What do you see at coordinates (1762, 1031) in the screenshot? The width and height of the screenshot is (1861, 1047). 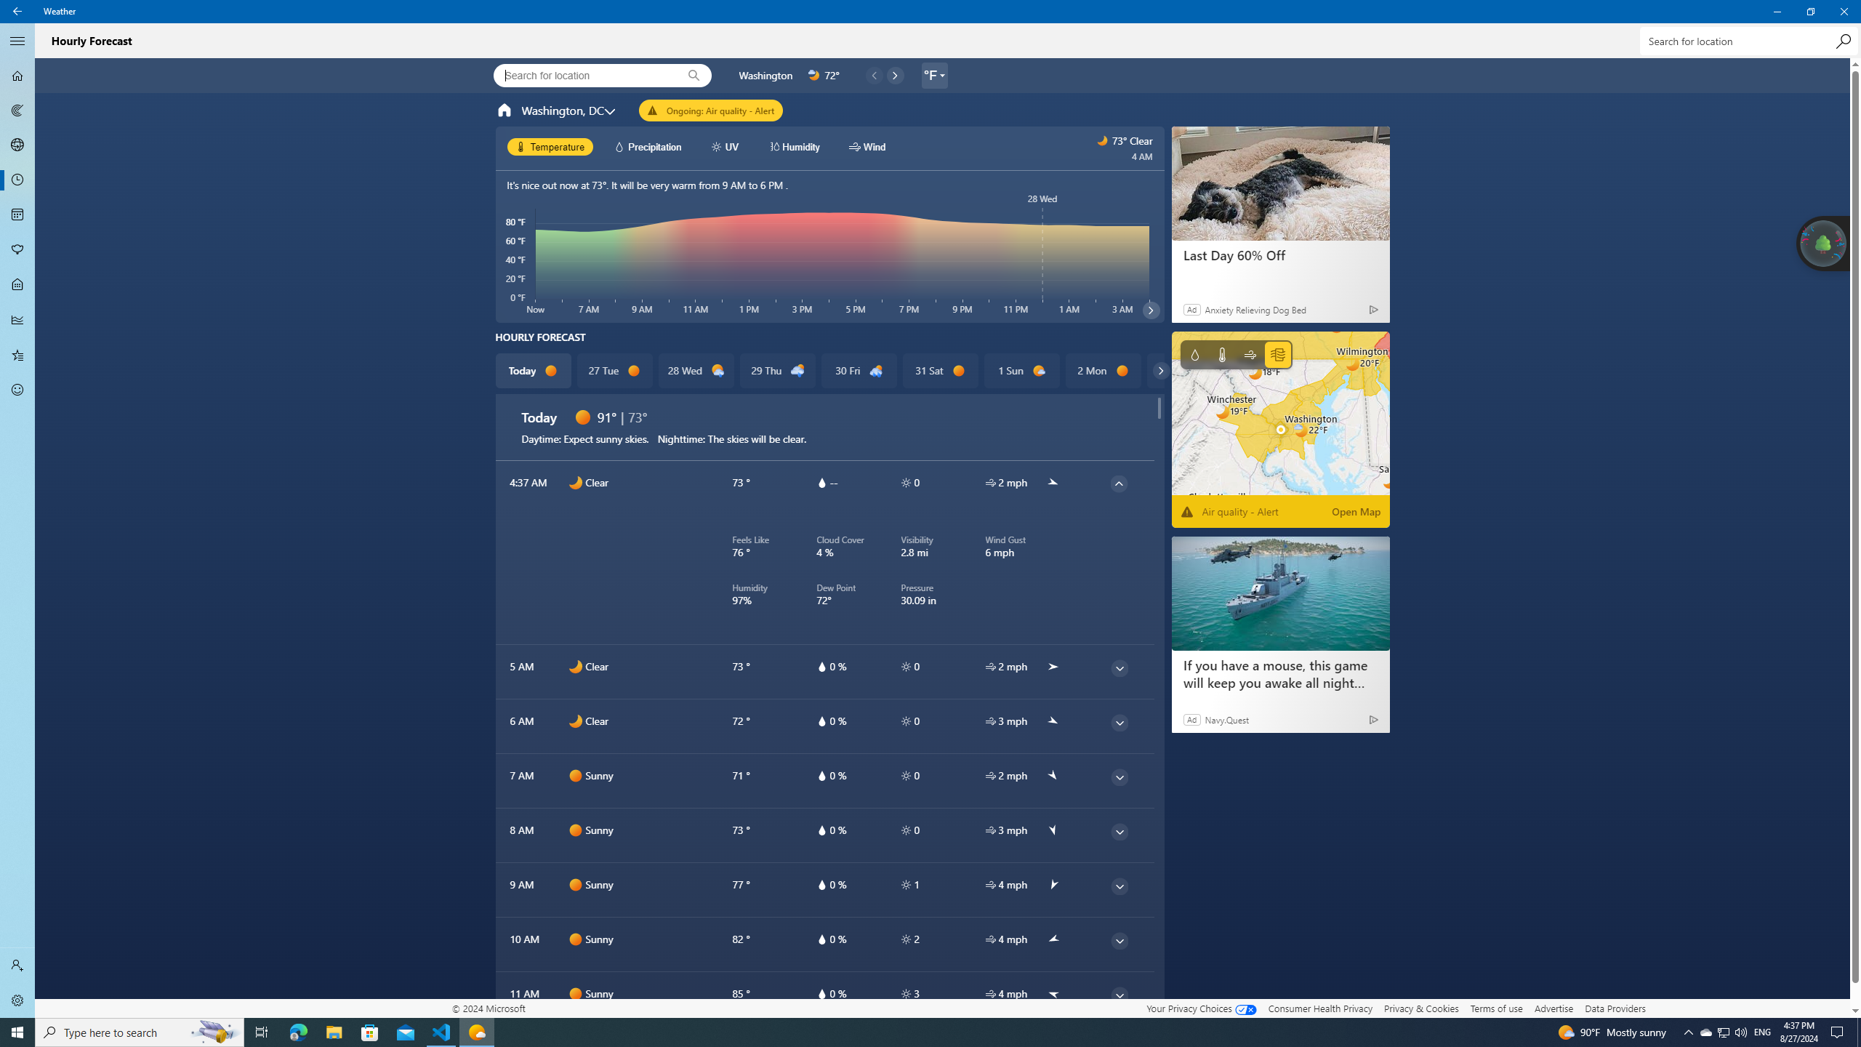 I see `'Tray Input Indicator - English (United States)'` at bounding box center [1762, 1031].